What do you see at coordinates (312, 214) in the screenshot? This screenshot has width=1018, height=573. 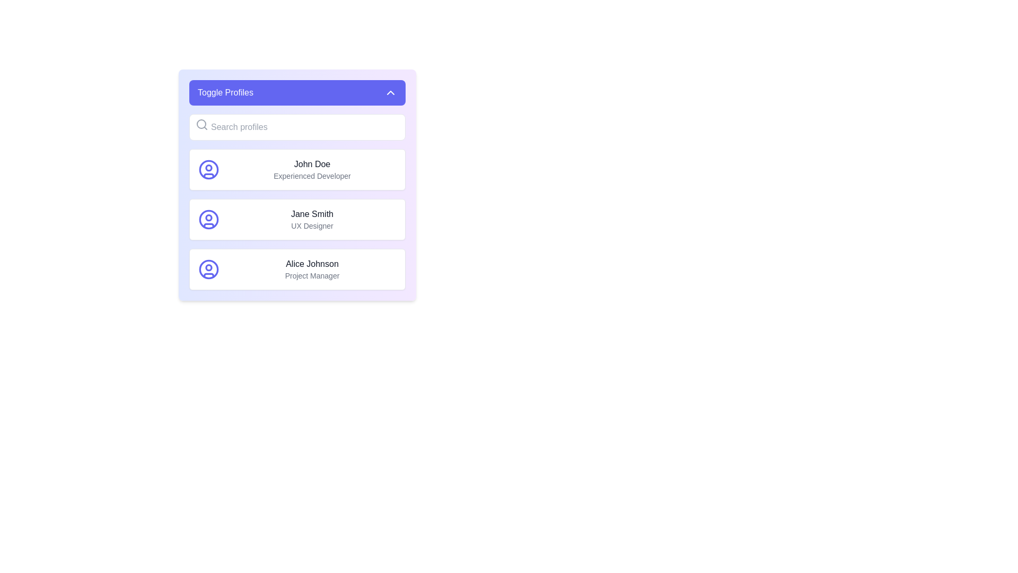 I see `the user's name text element displayed in the profile card, which serves as an identifier above the subtitle 'UX Designer'` at bounding box center [312, 214].